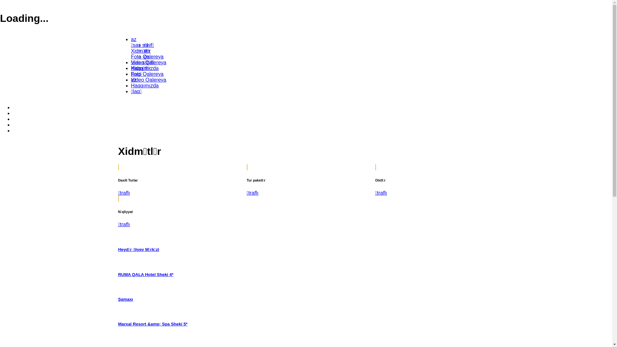 This screenshot has width=617, height=347. I want to click on 'RUMA QALA Hotel Sheki 4*', so click(146, 274).